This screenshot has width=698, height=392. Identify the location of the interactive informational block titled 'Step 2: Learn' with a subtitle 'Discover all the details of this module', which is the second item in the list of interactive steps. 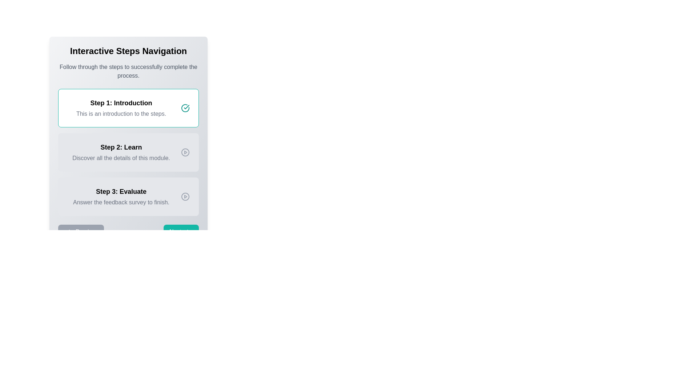
(128, 152).